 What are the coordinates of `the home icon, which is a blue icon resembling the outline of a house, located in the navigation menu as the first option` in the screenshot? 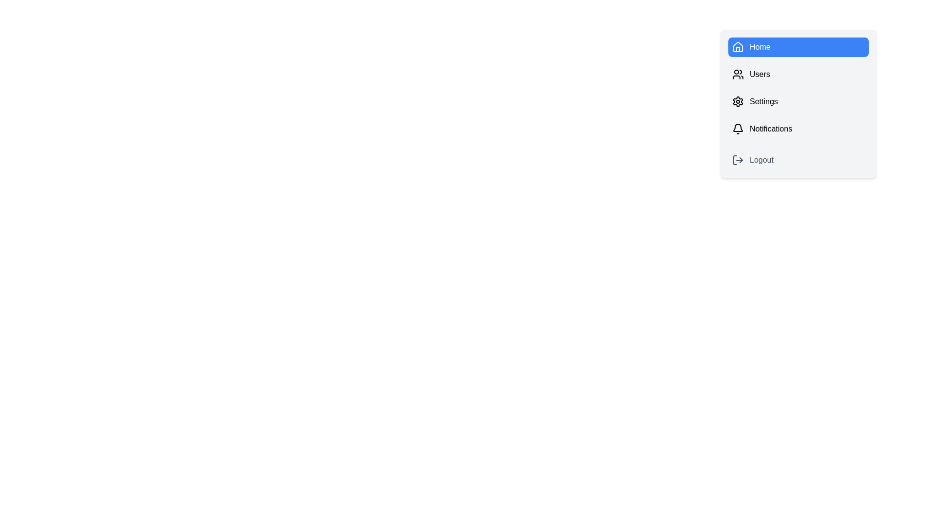 It's located at (738, 47).